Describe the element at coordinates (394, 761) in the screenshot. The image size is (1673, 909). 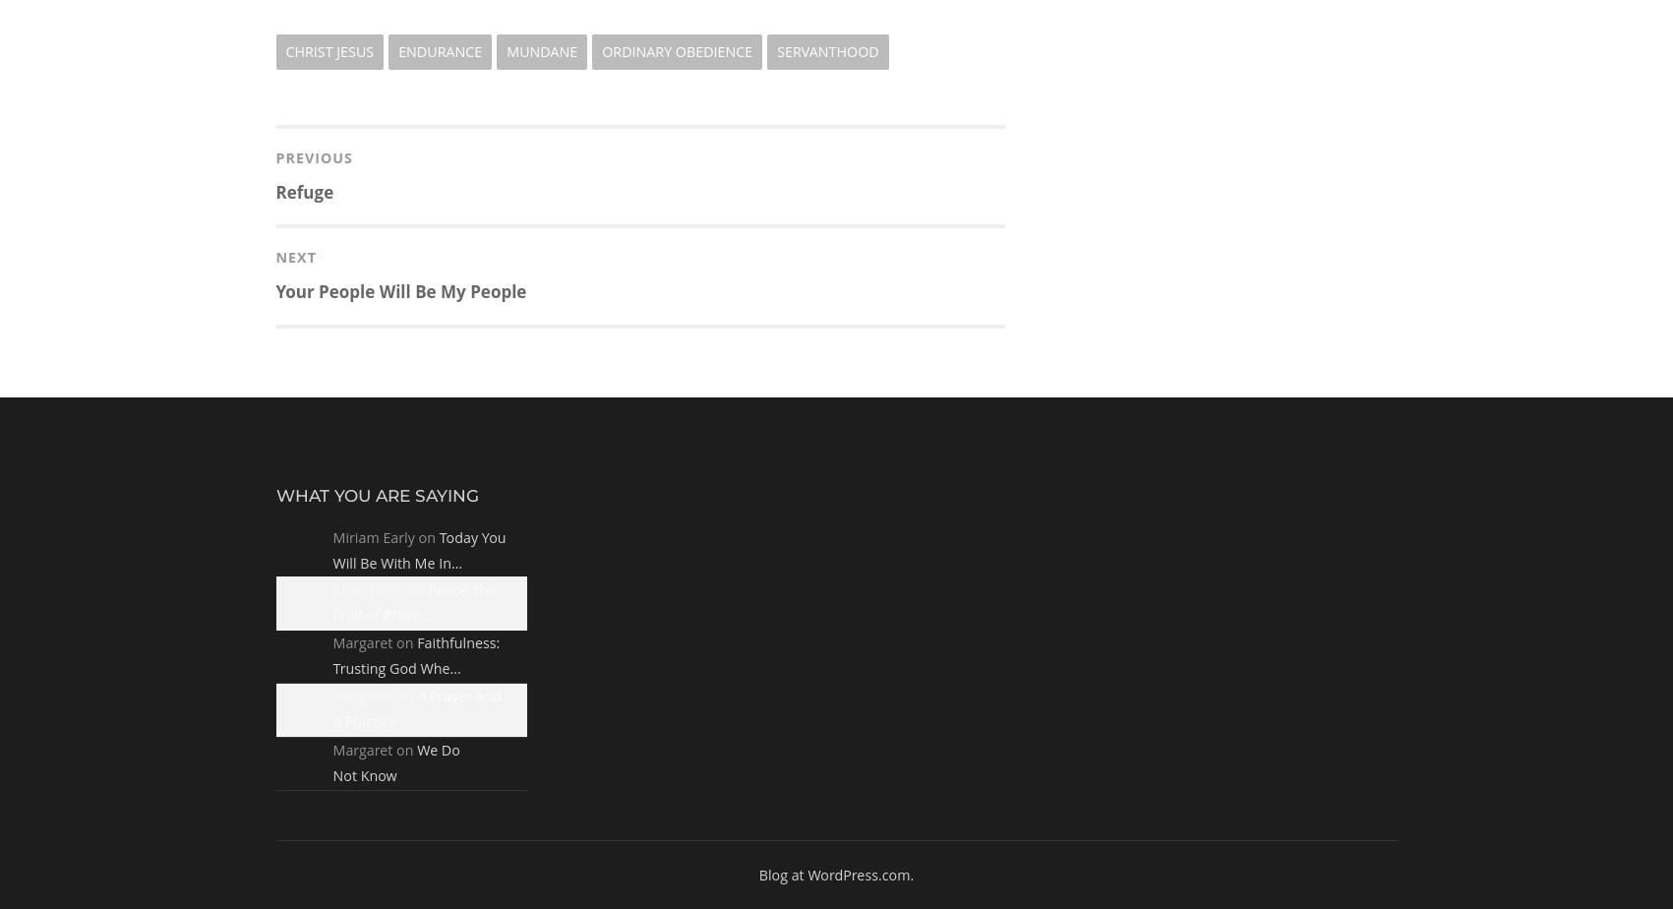
I see `'We Do Not Know'` at that location.